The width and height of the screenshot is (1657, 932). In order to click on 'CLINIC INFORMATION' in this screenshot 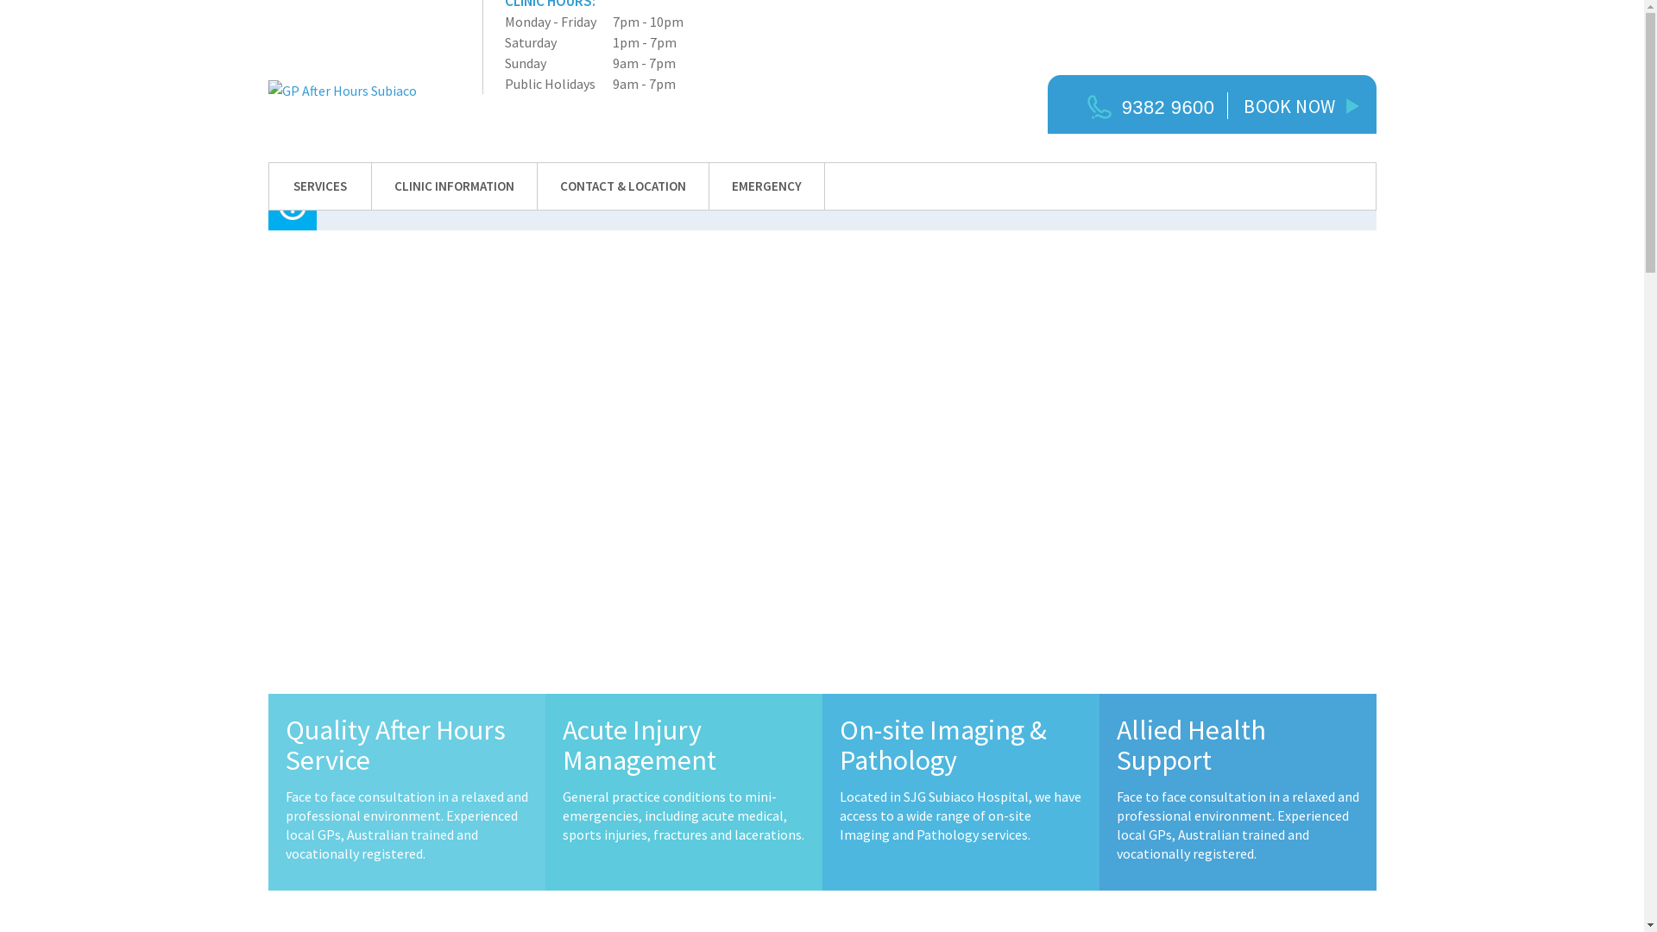, I will do `click(454, 186)`.